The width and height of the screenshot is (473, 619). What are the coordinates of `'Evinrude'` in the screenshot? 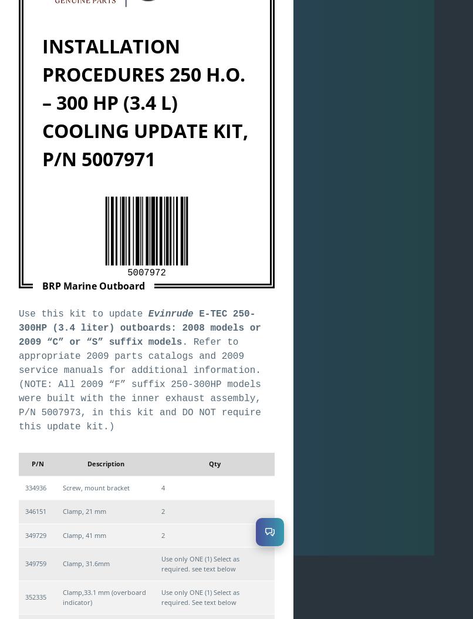 It's located at (170, 314).